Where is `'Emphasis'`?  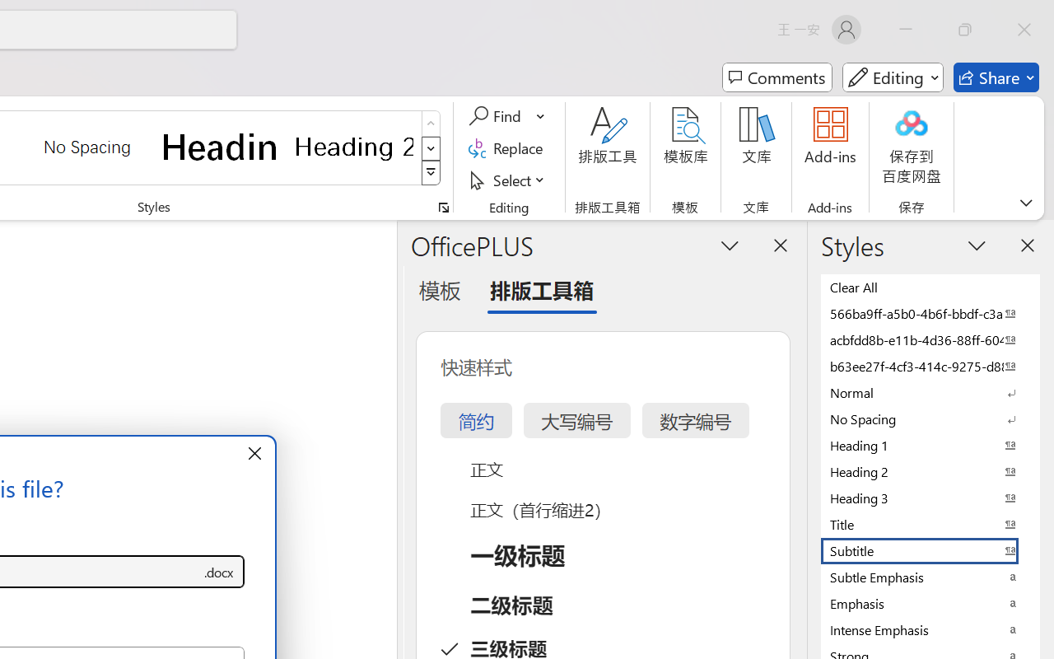
'Emphasis' is located at coordinates (930, 602).